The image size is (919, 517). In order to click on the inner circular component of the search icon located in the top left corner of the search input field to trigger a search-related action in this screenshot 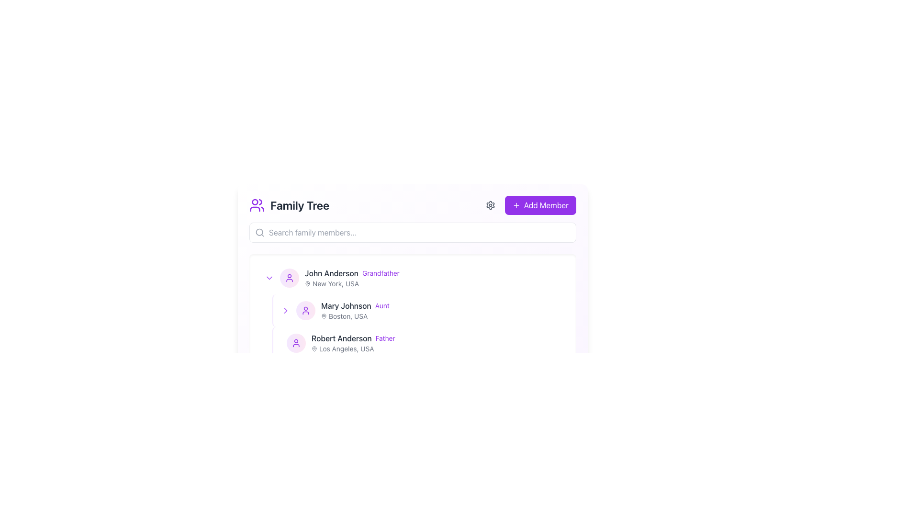, I will do `click(259, 232)`.